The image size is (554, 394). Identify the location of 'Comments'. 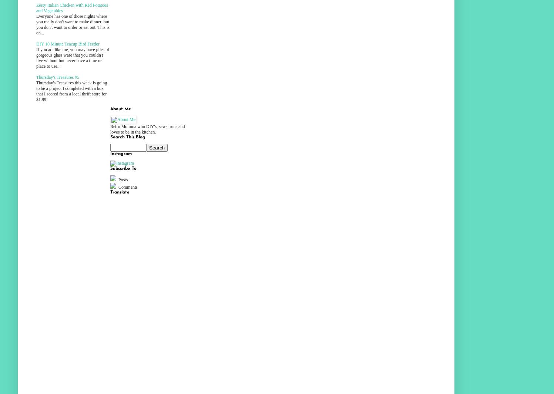
(127, 186).